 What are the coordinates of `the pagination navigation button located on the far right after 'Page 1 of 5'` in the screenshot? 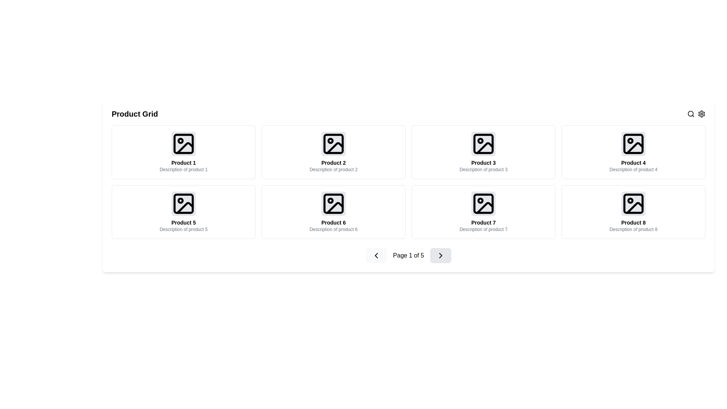 It's located at (440, 256).